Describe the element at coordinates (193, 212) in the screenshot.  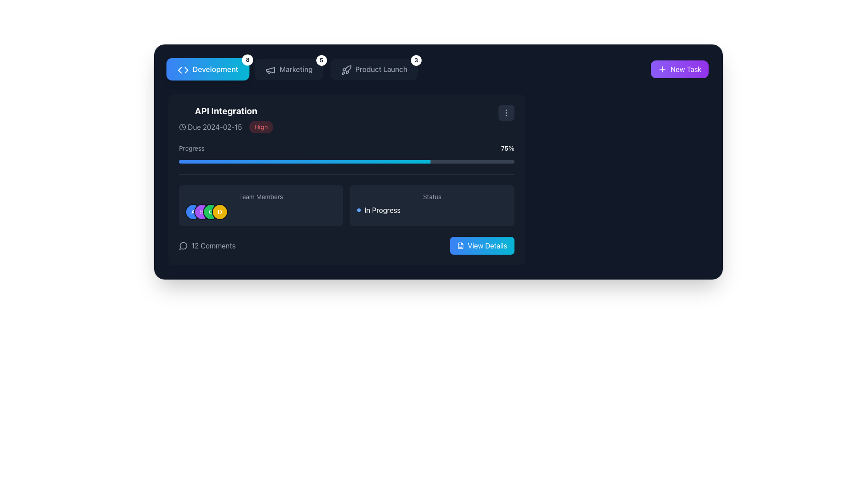
I see `the Decorative avatar or badge icon labeled 'A', which is the first circular badge from the left in the team members section` at that location.